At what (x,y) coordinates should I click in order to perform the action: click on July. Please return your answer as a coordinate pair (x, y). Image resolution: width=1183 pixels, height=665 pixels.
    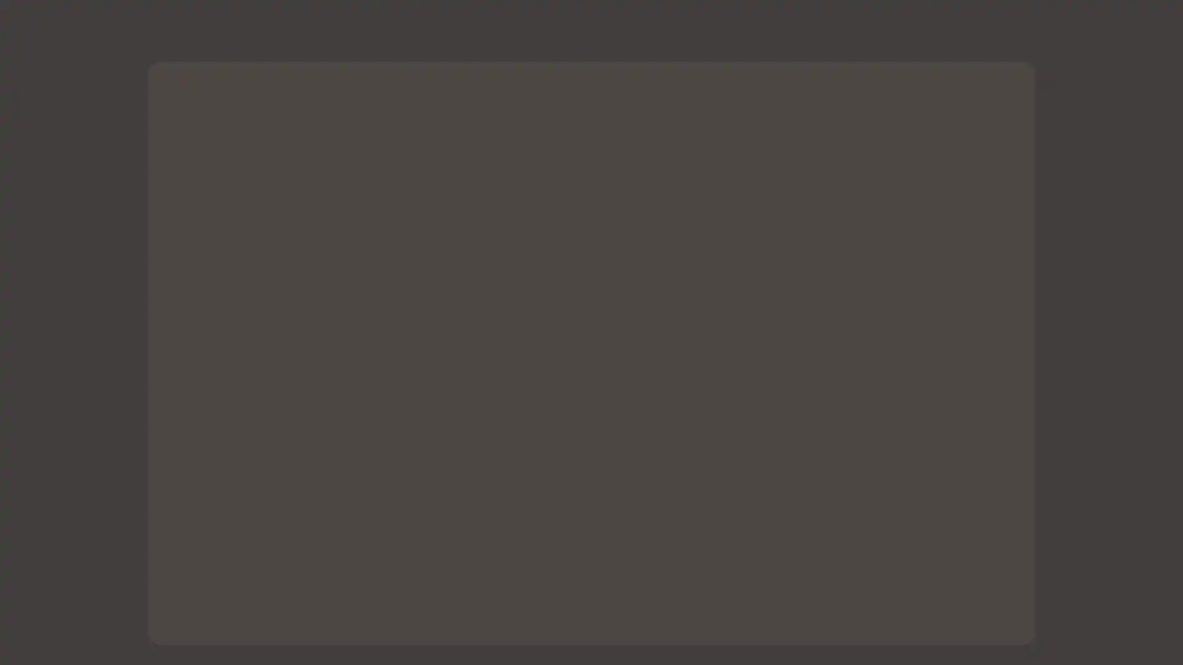
    Looking at the image, I should click on (560, 579).